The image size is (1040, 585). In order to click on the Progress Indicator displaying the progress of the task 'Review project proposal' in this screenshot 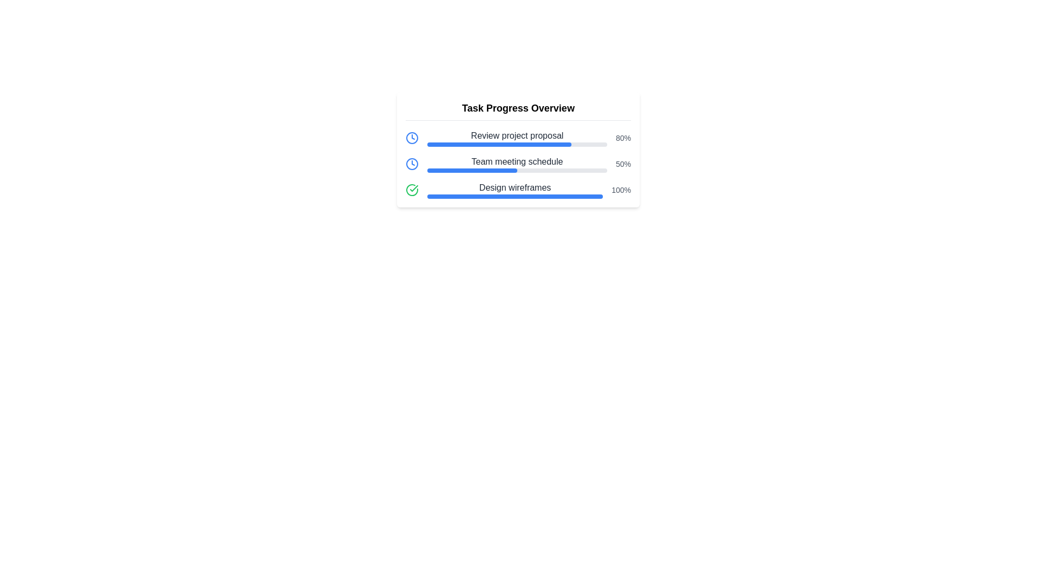, I will do `click(517, 137)`.